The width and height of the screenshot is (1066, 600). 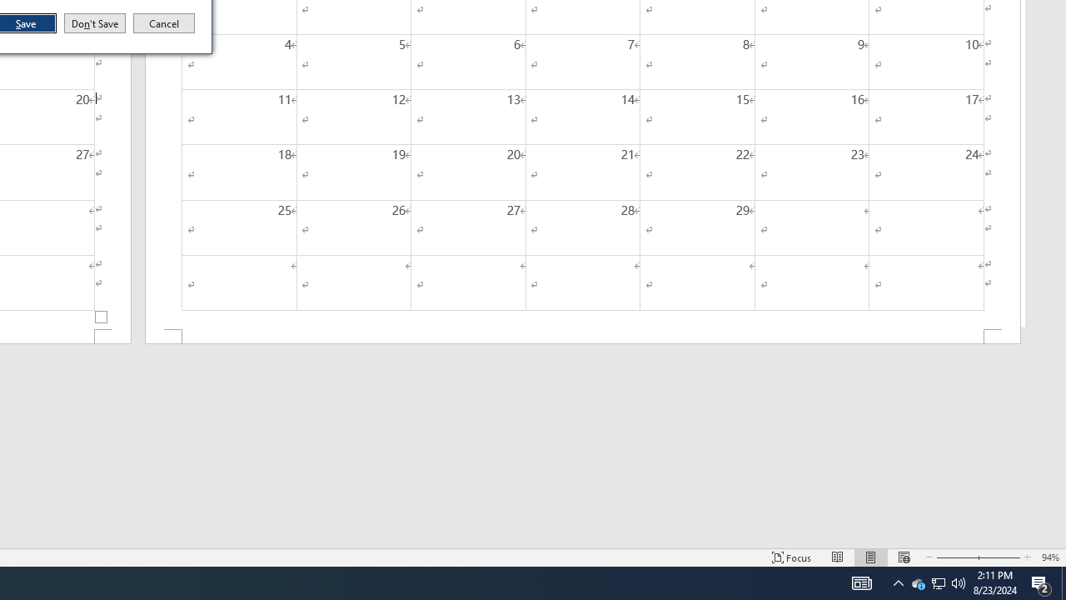 I want to click on 'Footer -Section 2-', so click(x=583, y=337).